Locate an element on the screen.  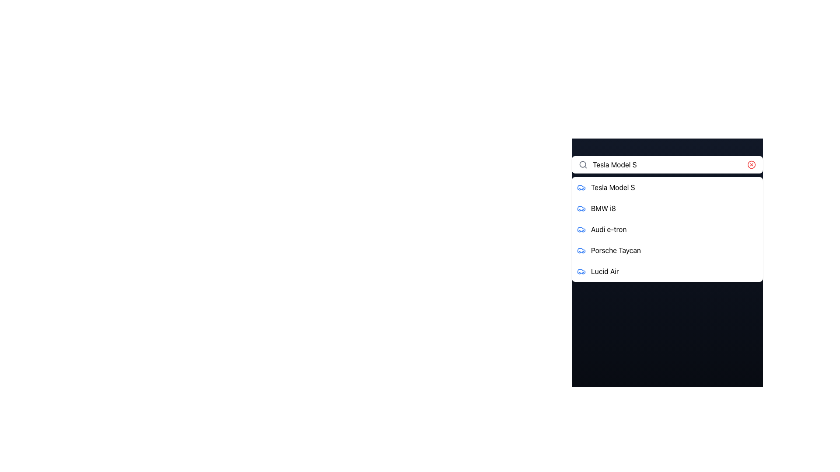
the icon that visually indicates the category or type associated with the text 'Porsche Taycan', positioned as the fourth item in a vertical list of car names is located at coordinates (581, 250).